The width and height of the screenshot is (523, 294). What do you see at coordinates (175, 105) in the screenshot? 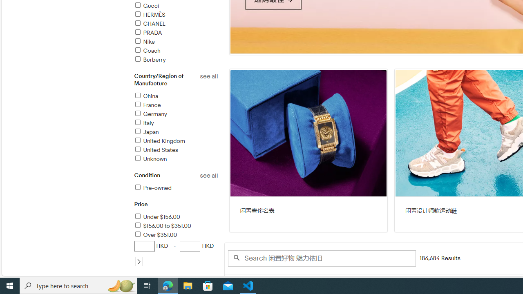
I see `'France'` at bounding box center [175, 105].